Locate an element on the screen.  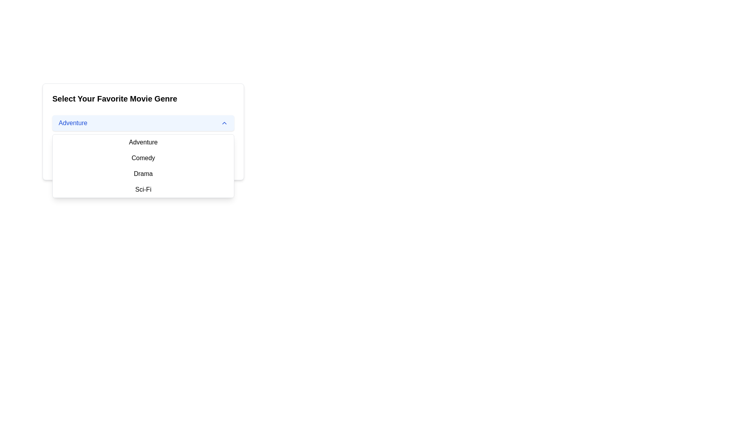
the 'Comedy' selectable list item in the dropdown menu is located at coordinates (143, 158).